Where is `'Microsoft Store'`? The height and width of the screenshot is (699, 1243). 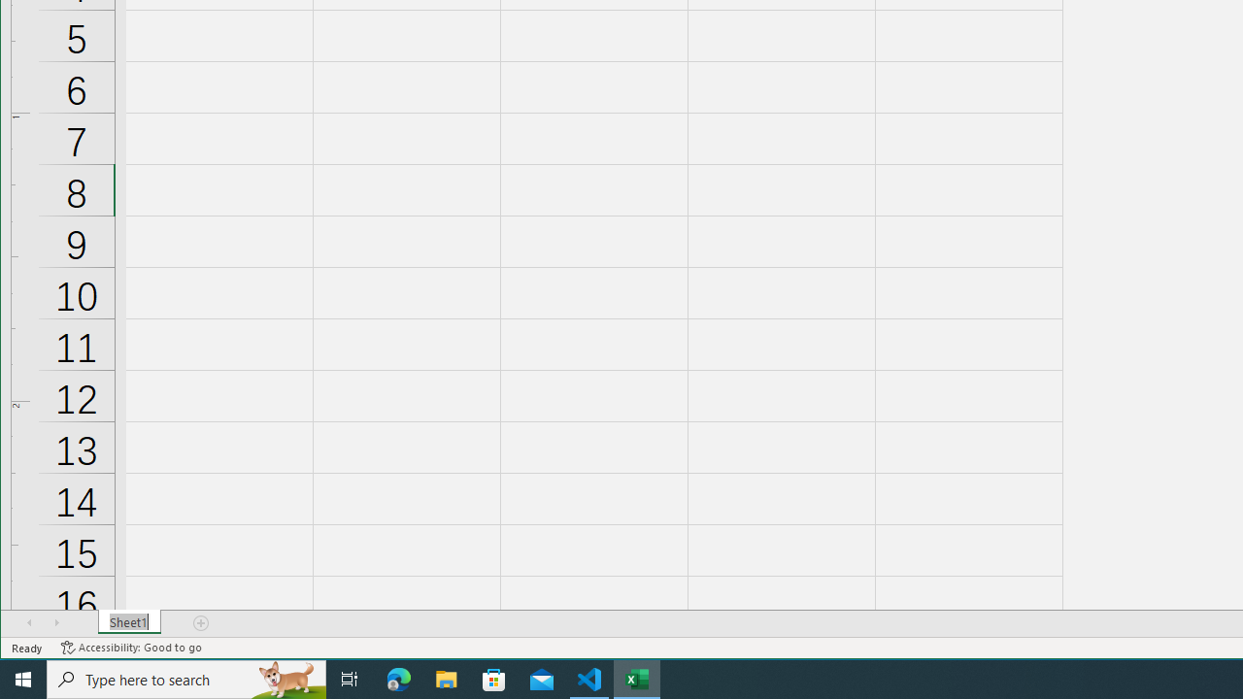 'Microsoft Store' is located at coordinates (494, 678).